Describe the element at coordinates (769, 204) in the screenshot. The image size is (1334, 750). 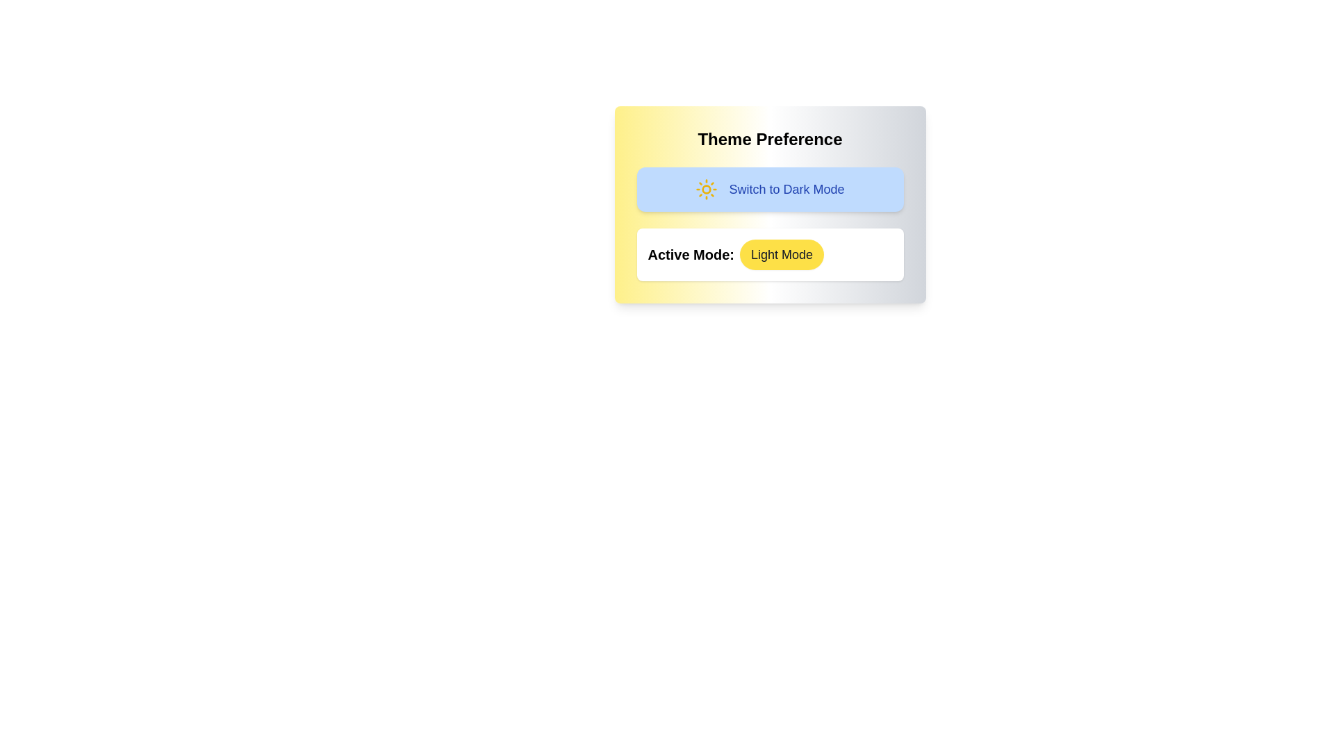
I see `the 'Switch to Dark Mode' button in the Theme Preference section` at that location.